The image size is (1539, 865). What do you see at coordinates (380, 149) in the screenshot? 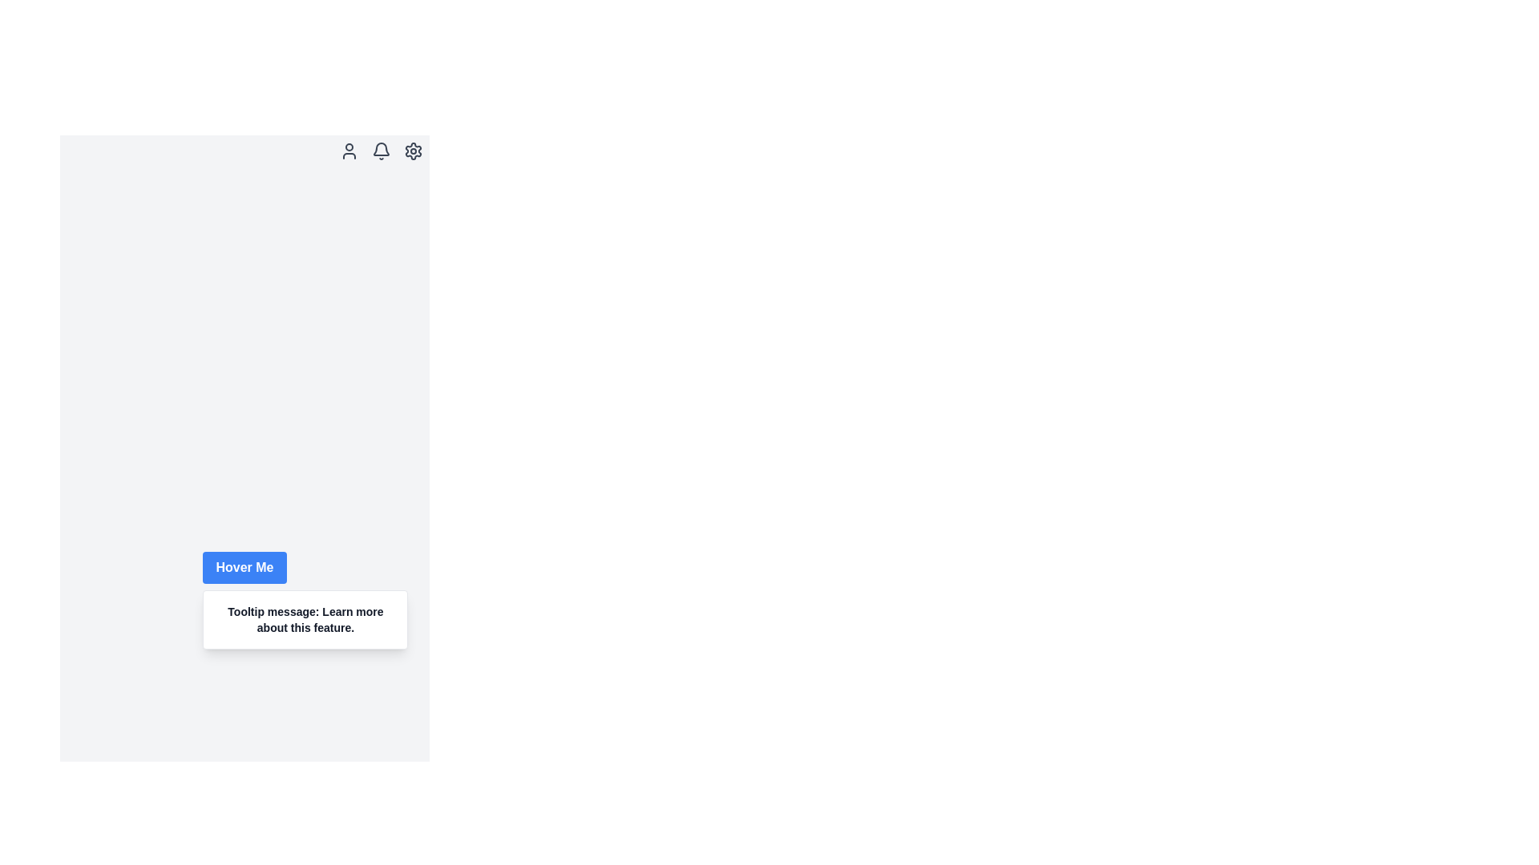
I see `the notification bell icon located at the top-right corner of the interface` at bounding box center [380, 149].